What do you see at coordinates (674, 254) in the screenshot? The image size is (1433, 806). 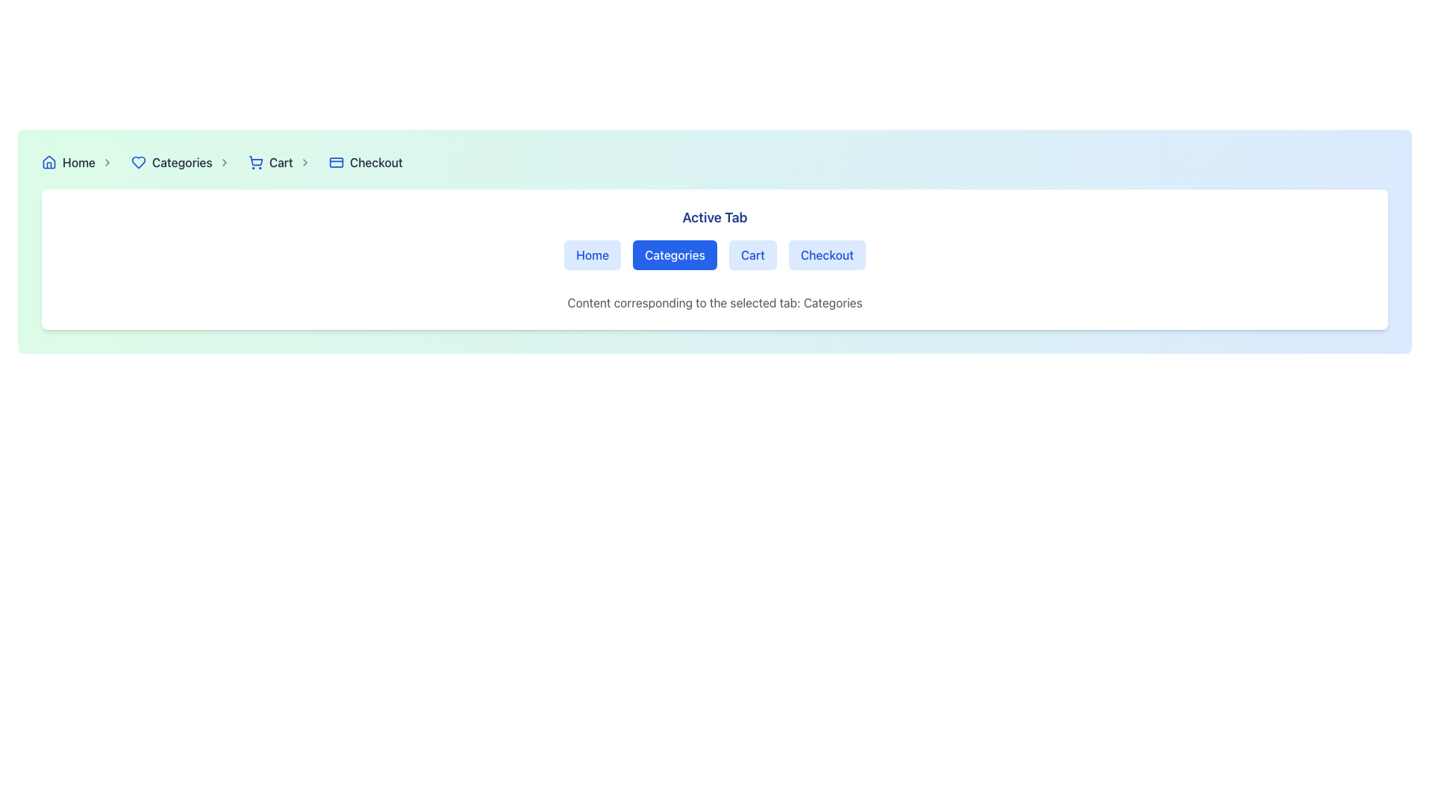 I see `the 'Categories' button, which is a rectangular button with rounded corners, blue background, and white text` at bounding box center [674, 254].